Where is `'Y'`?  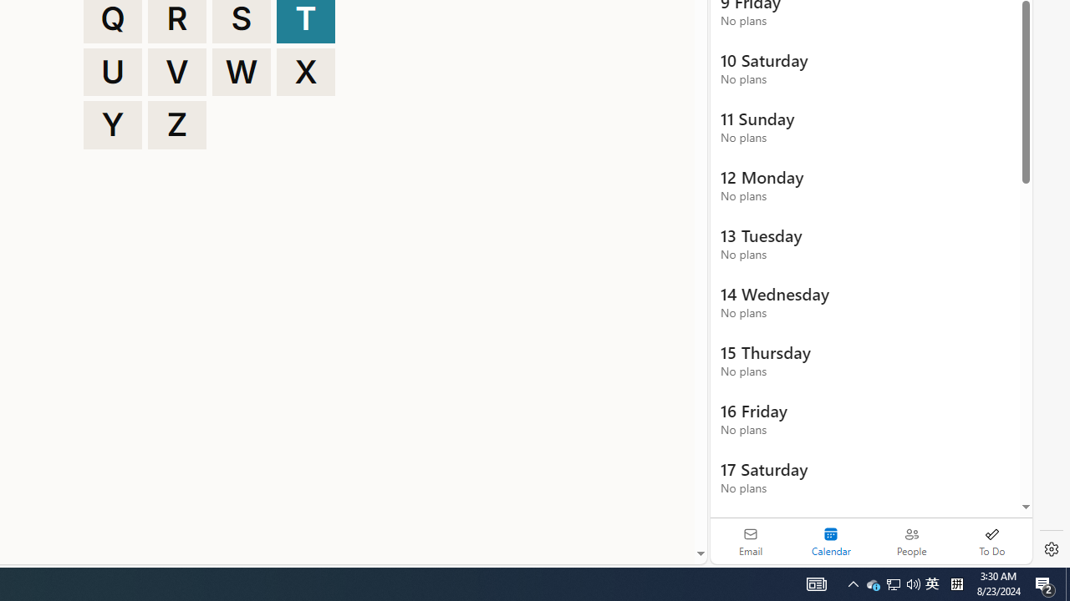 'Y' is located at coordinates (112, 124).